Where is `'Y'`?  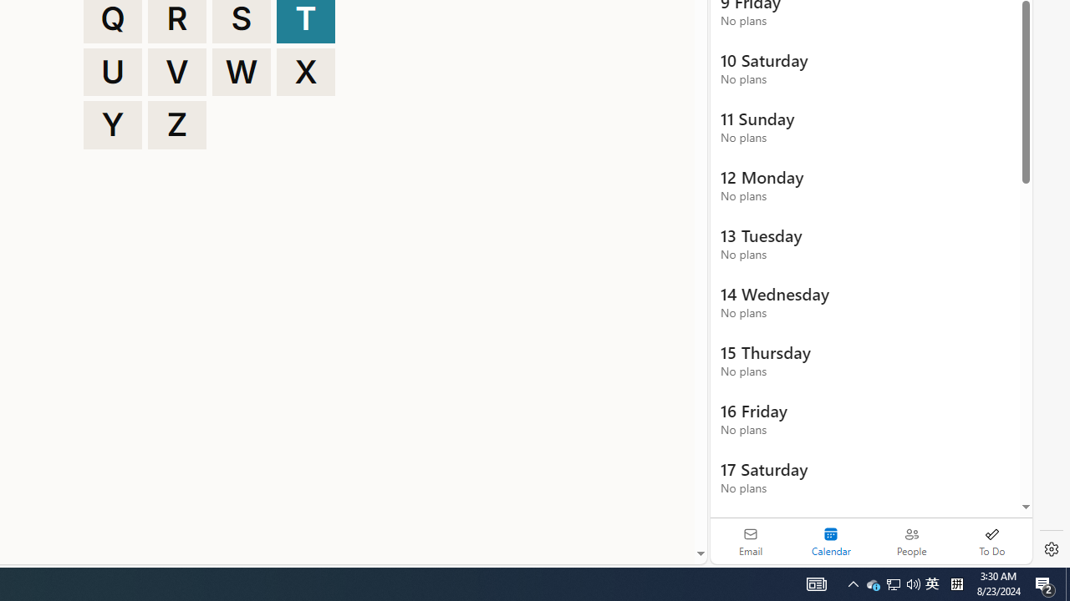 'Y' is located at coordinates (112, 124).